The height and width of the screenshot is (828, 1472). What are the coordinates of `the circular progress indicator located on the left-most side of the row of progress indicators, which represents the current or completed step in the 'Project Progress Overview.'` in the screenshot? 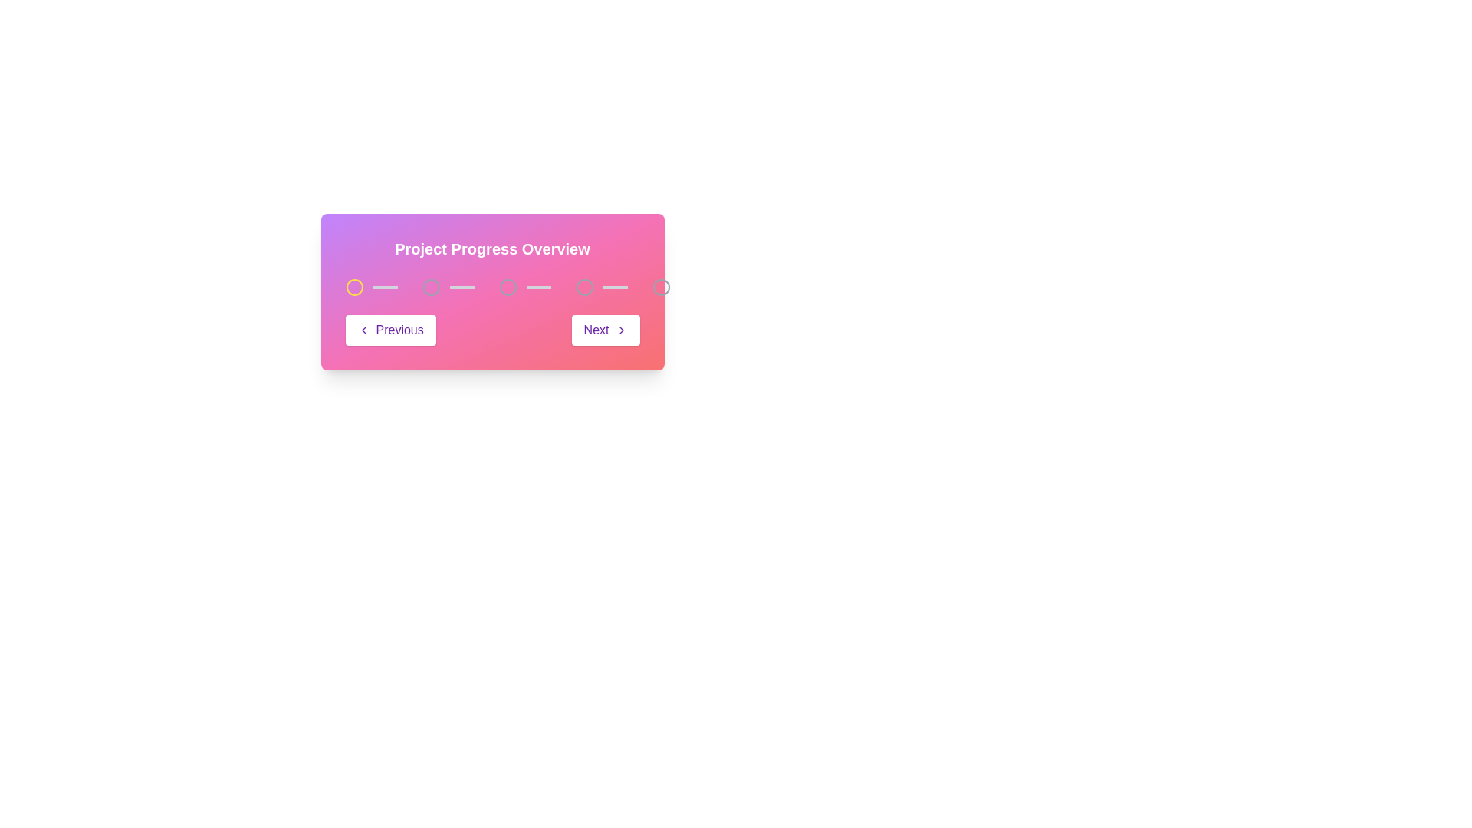 It's located at (353, 287).